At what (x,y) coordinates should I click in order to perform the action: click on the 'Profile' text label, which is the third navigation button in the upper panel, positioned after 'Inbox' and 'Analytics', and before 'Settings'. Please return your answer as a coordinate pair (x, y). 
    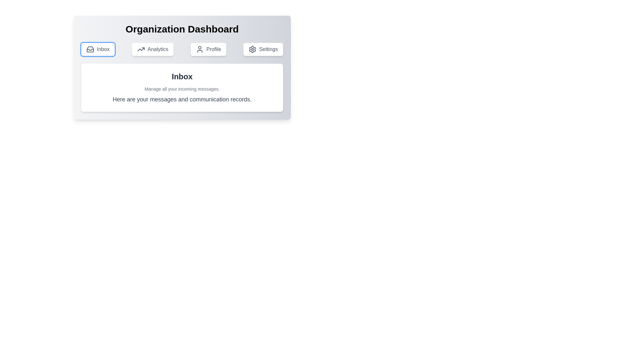
    Looking at the image, I should click on (214, 49).